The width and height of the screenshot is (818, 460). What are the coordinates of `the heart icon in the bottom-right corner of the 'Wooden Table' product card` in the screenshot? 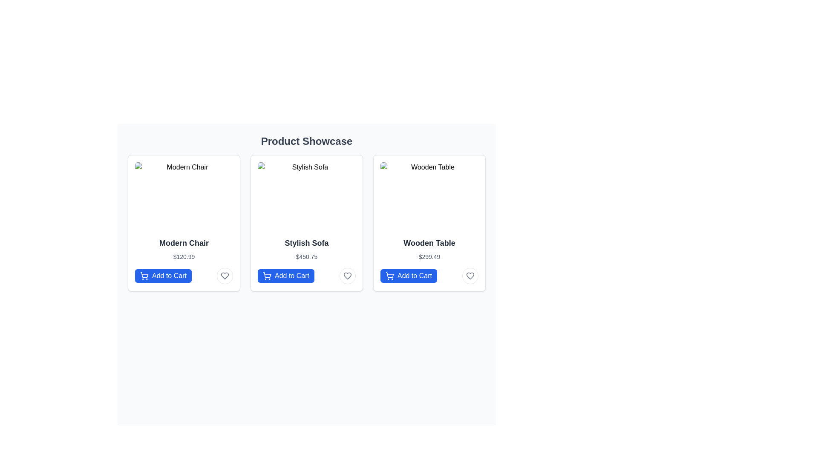 It's located at (470, 276).